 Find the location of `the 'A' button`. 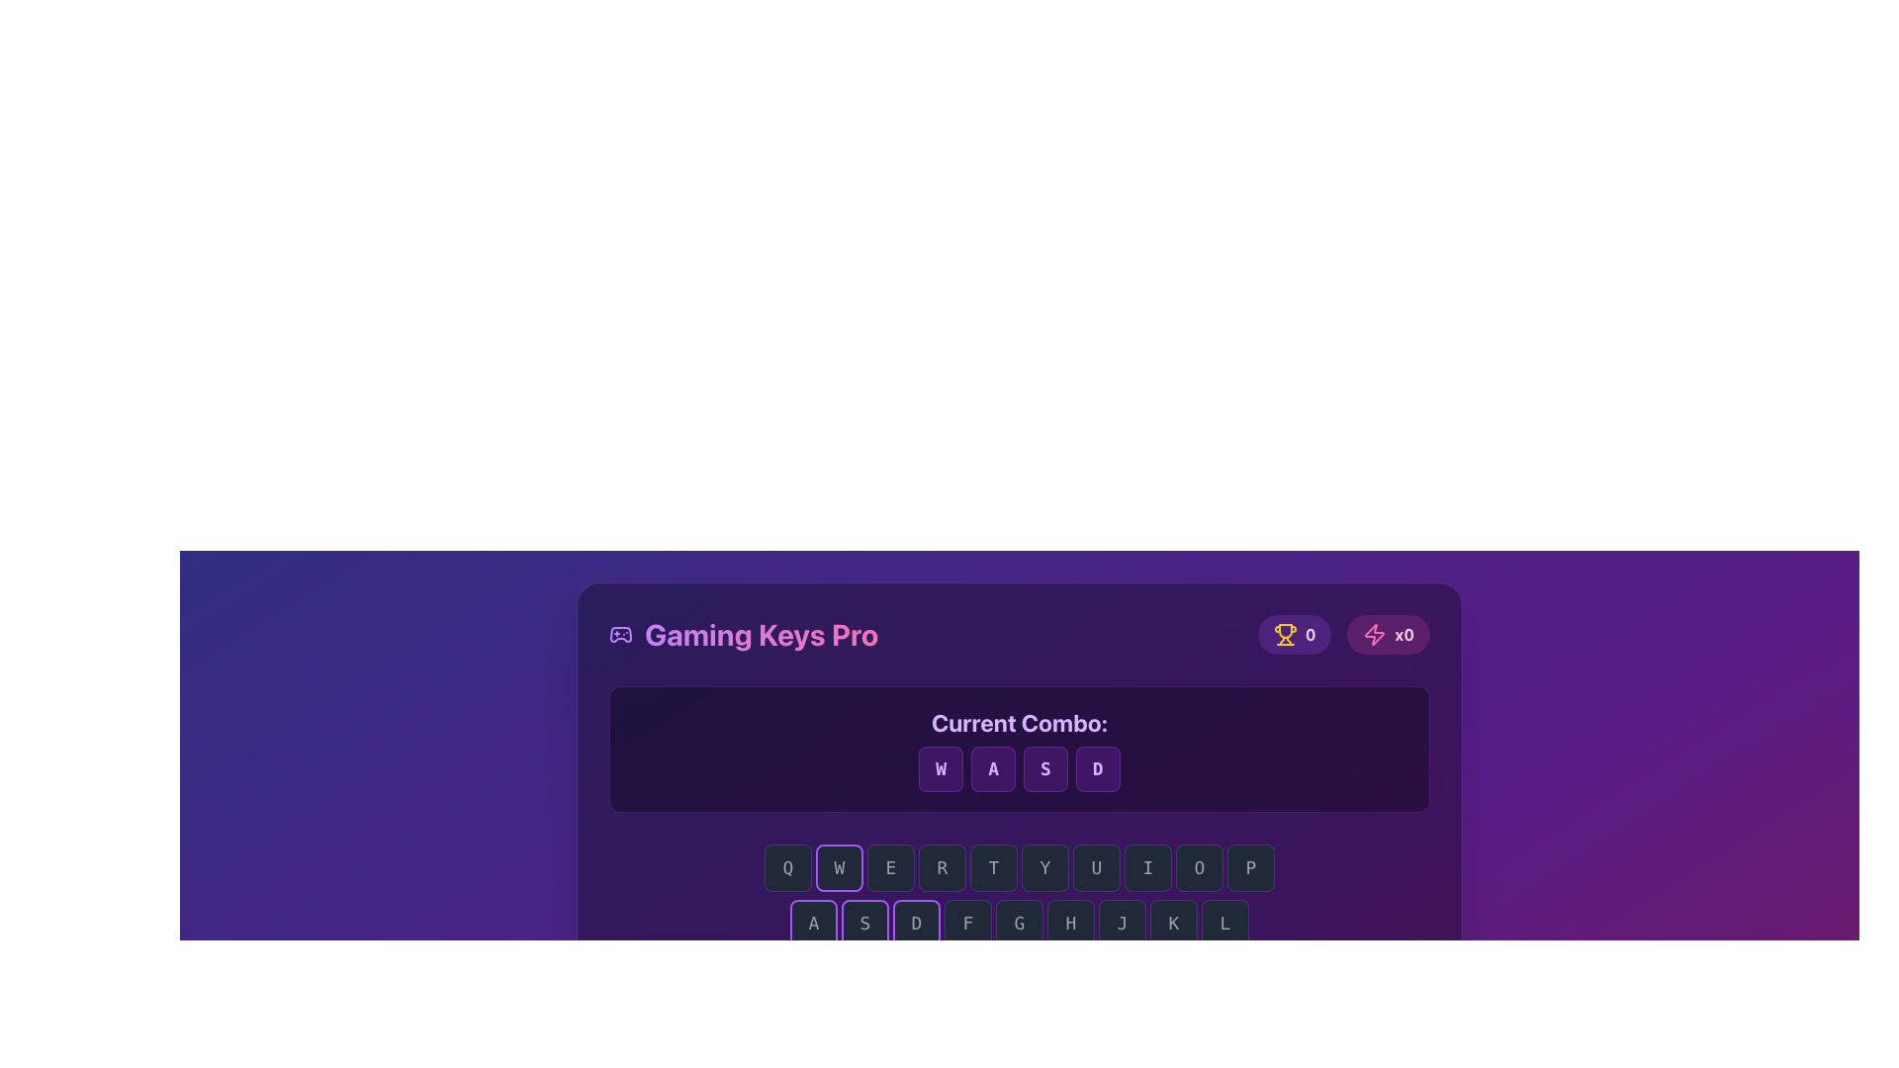

the 'A' button is located at coordinates (1020, 750).